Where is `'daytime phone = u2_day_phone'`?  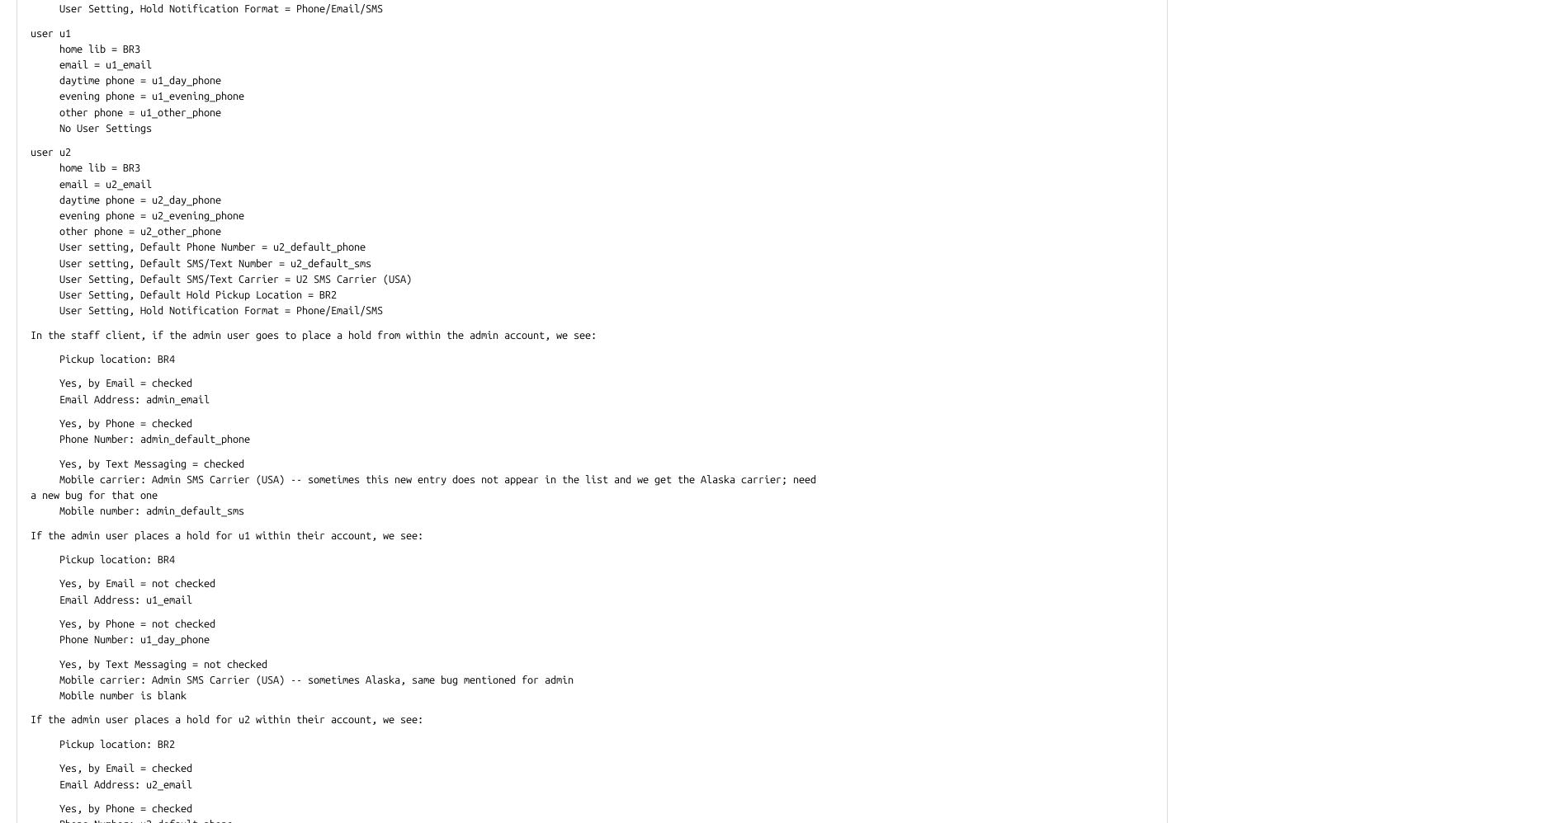 'daytime phone = u2_day_phone' is located at coordinates (125, 199).